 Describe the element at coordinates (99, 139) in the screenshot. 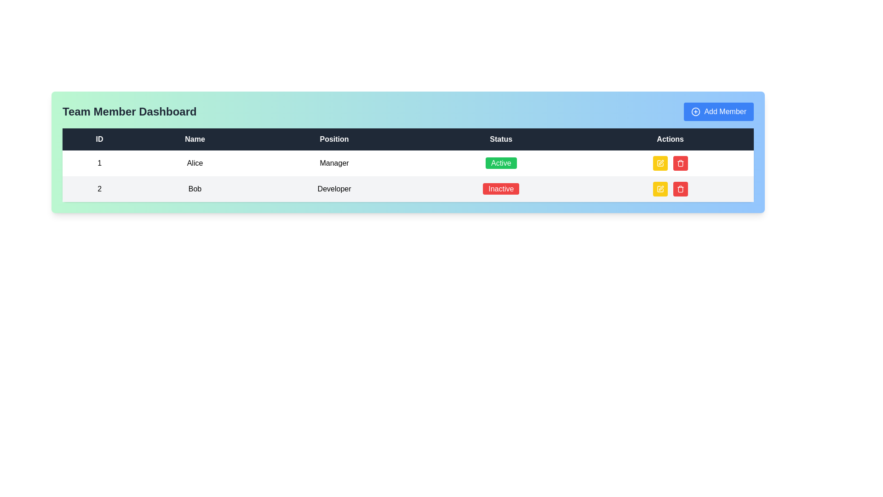

I see `the Table Header Cell displaying 'ID' in uppercase, which is styled with a dark background and white text, located on the far left of the table's first row` at that location.